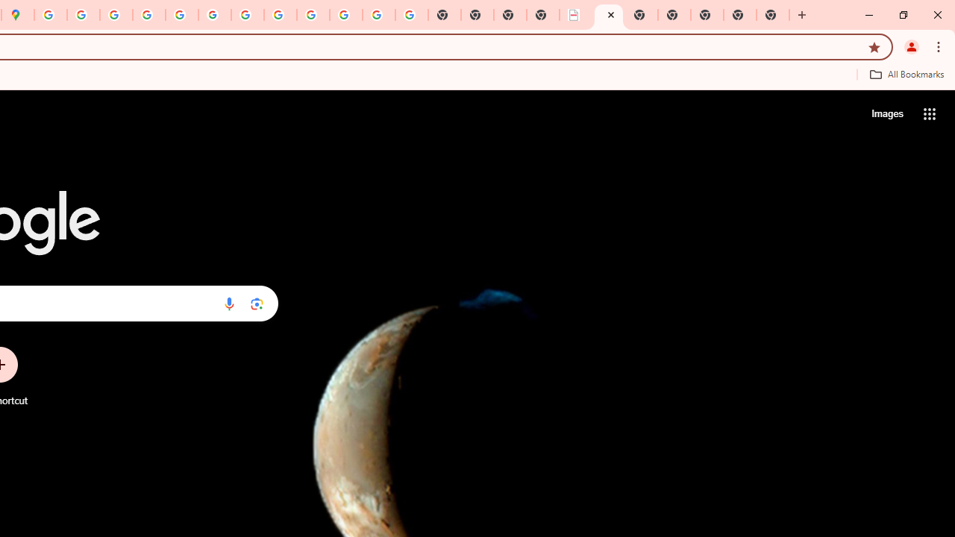  I want to click on 'Privacy Help Center - Policies Help', so click(148, 15).